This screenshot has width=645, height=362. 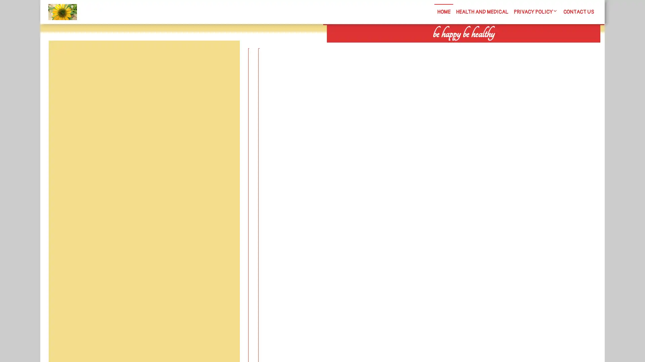 I want to click on Search, so click(x=523, y=47).